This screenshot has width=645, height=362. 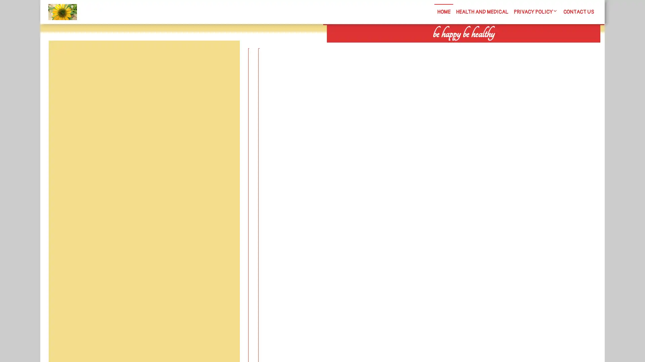 I want to click on Search, so click(x=523, y=47).